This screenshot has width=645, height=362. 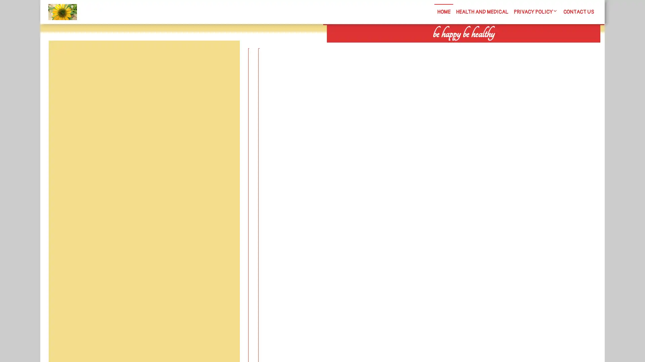 I want to click on Search, so click(x=523, y=47).